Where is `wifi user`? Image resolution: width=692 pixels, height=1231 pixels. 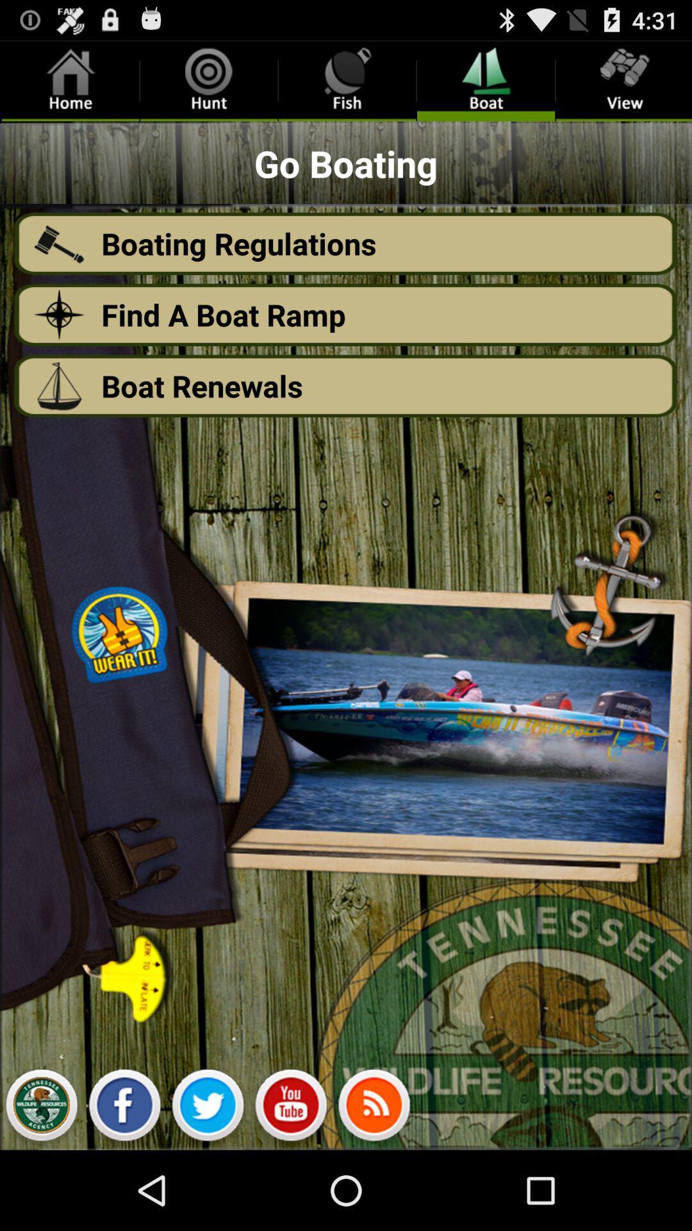 wifi user is located at coordinates (374, 1108).